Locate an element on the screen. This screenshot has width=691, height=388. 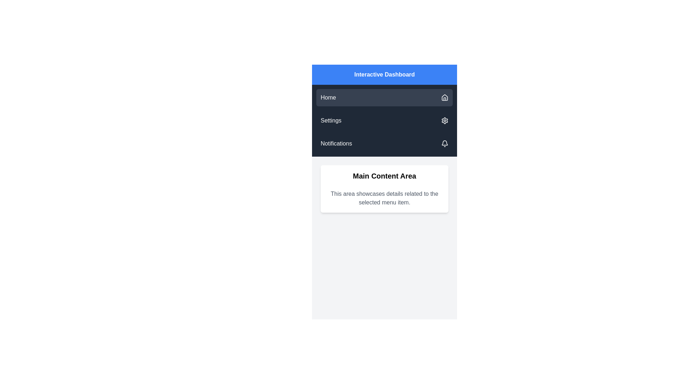
the 'Settings' text label located in the sidebar navigation menu is located at coordinates (330, 120).